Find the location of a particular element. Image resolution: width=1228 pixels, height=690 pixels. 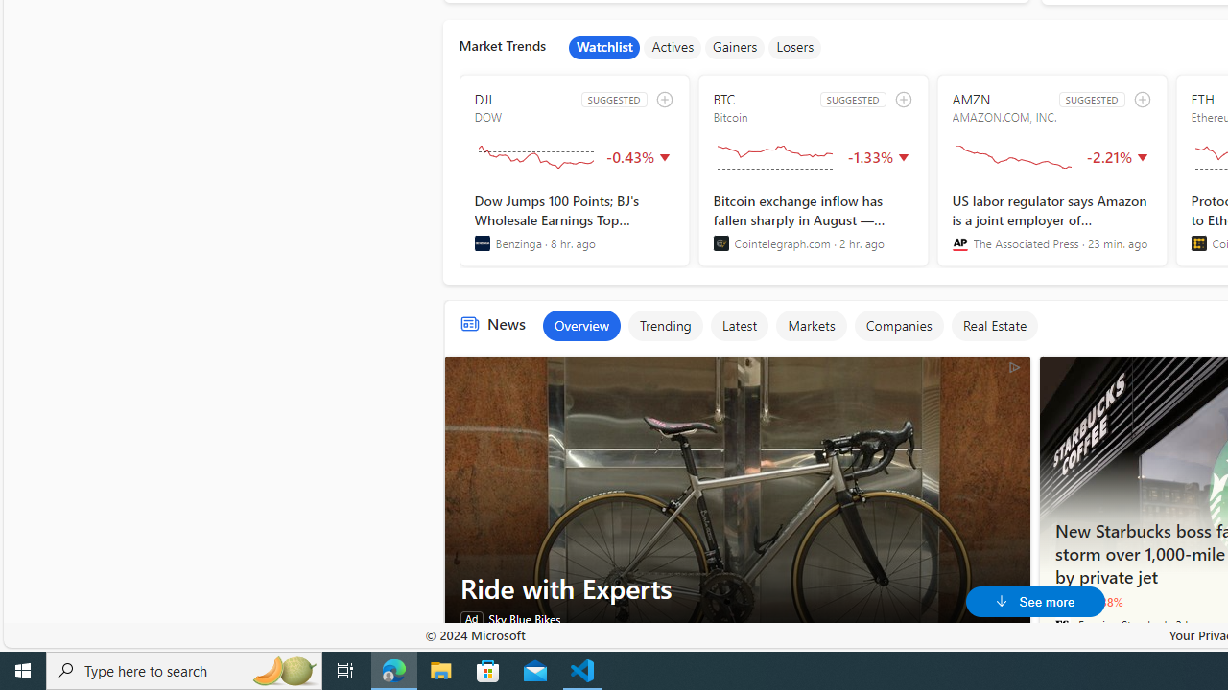

'add to watchlist' is located at coordinates (1142, 100).